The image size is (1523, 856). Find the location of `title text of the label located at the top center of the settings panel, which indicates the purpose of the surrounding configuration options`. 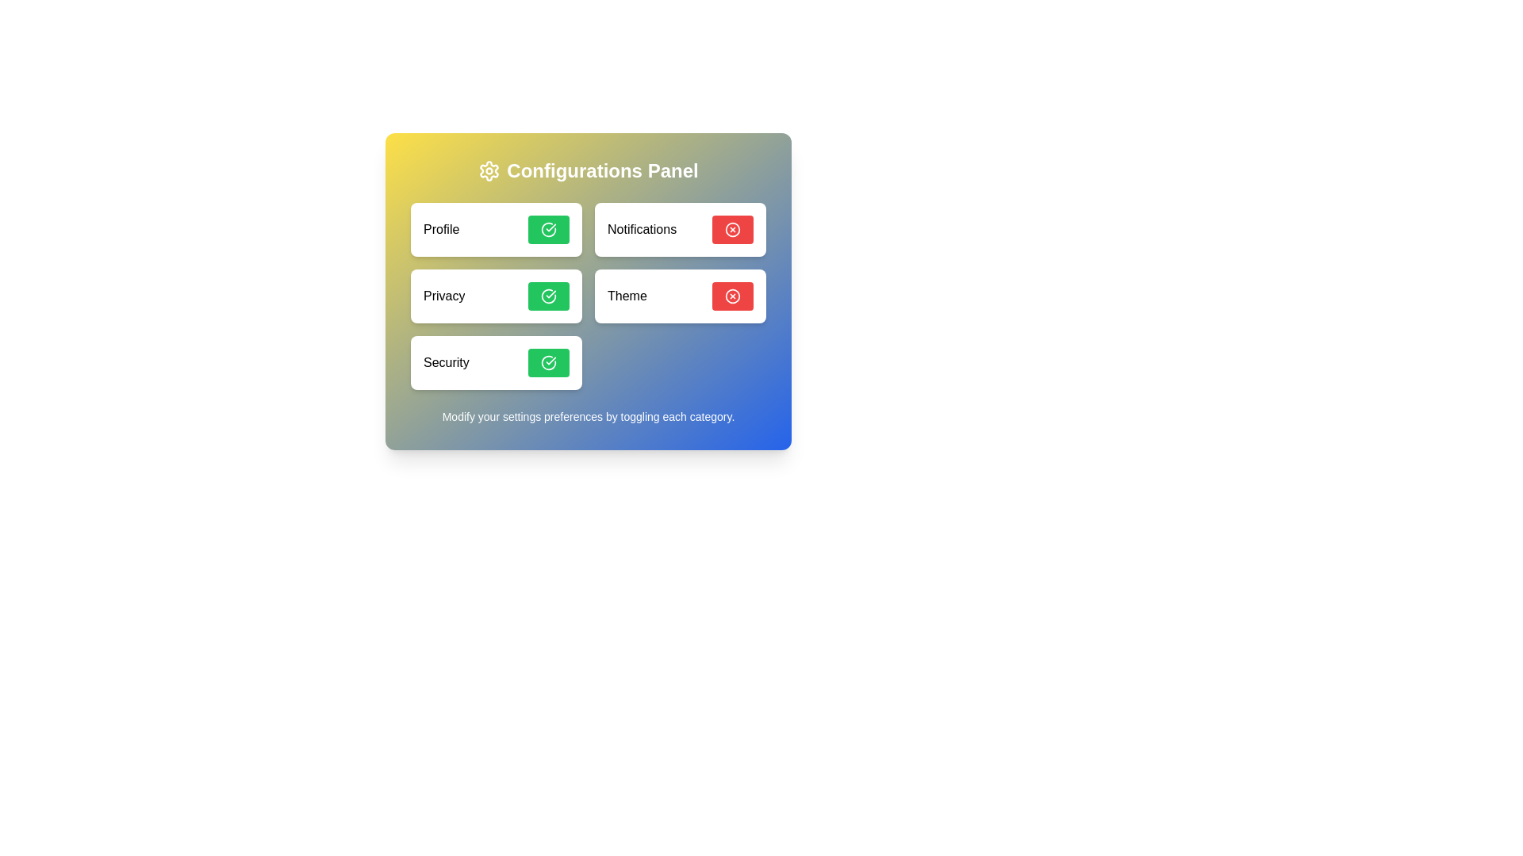

title text of the label located at the top center of the settings panel, which indicates the purpose of the surrounding configuration options is located at coordinates (588, 171).